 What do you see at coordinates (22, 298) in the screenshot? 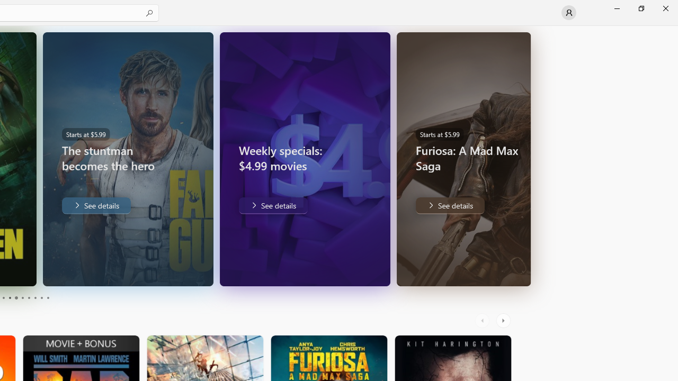
I see `'Page 6'` at bounding box center [22, 298].